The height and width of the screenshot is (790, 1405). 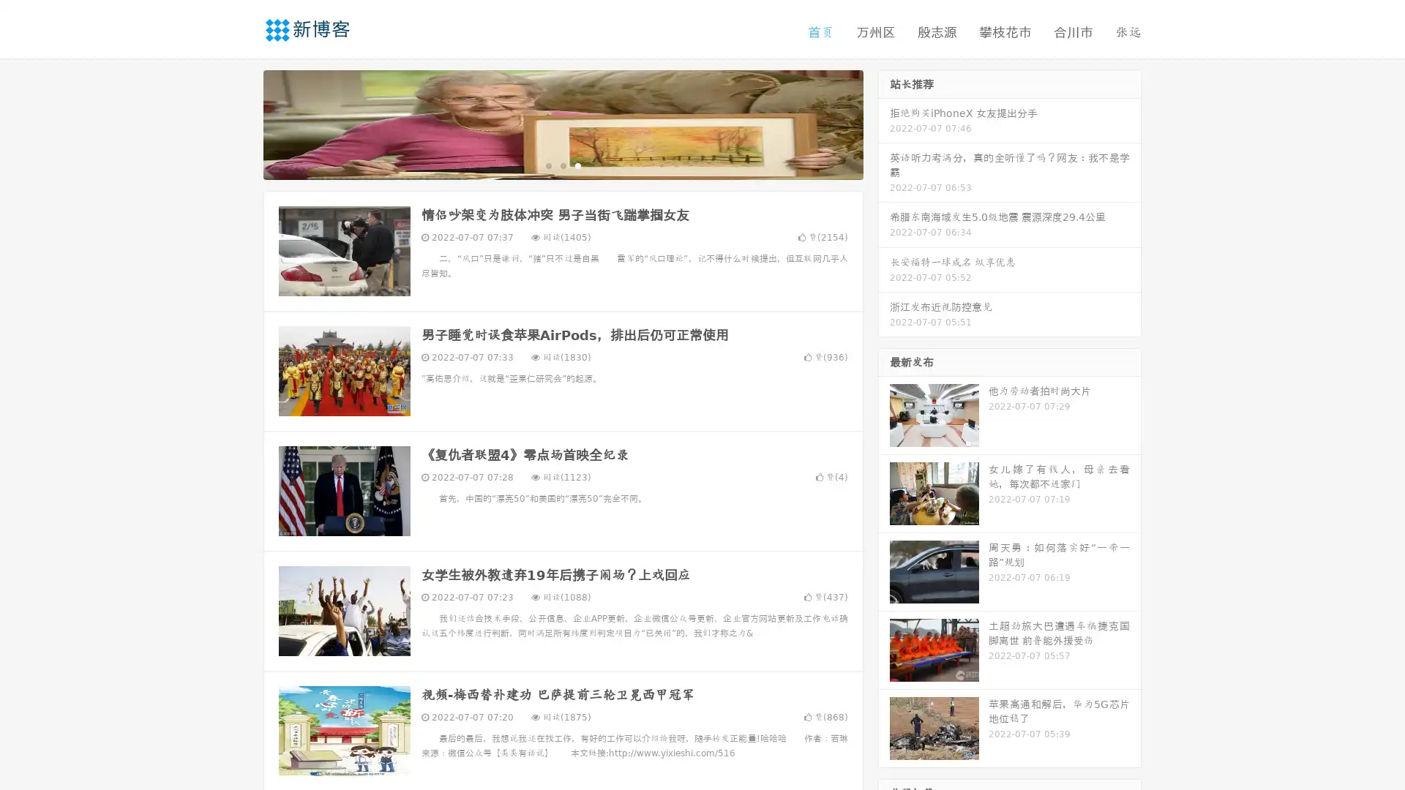 What do you see at coordinates (562, 165) in the screenshot?
I see `Go to slide 2` at bounding box center [562, 165].